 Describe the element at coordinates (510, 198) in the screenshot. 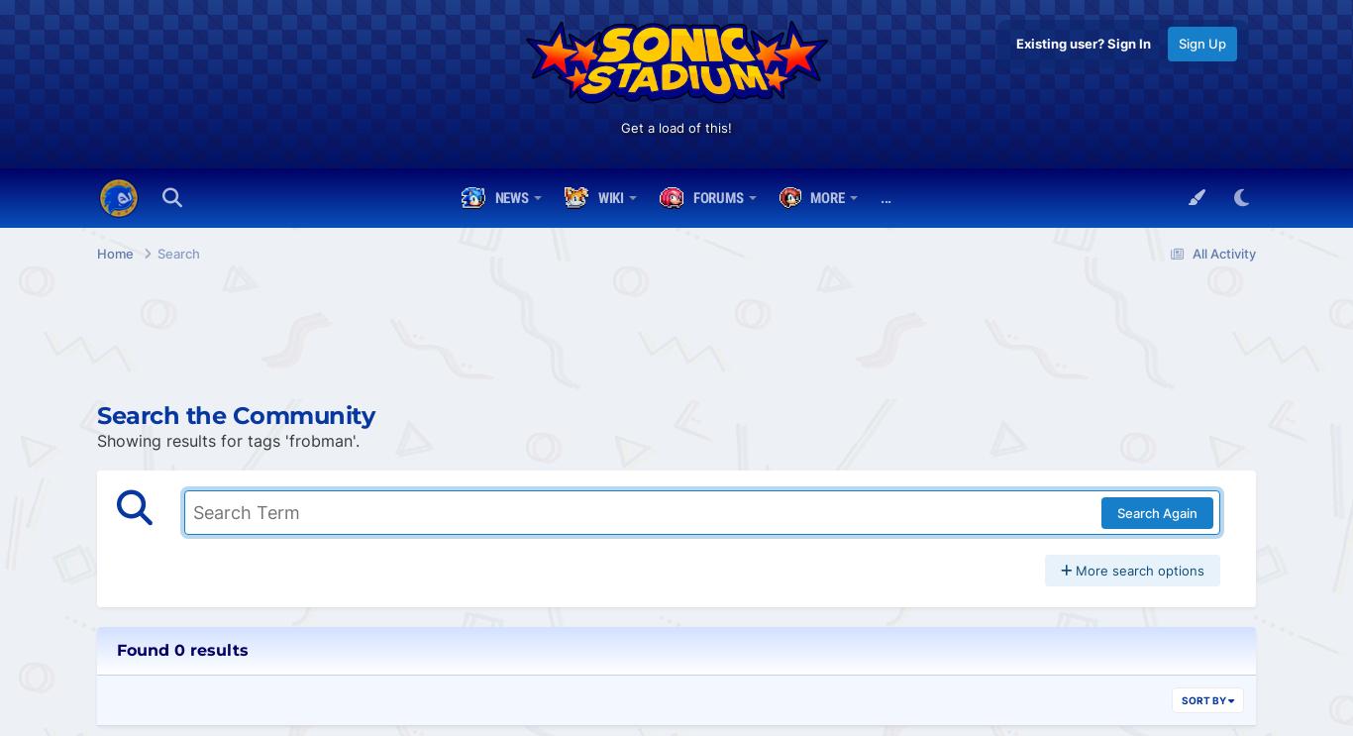

I see `'News'` at that location.